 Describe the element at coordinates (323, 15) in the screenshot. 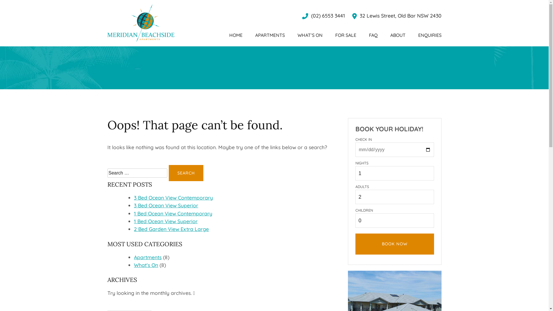

I see `'(02) 6553 3441'` at that location.